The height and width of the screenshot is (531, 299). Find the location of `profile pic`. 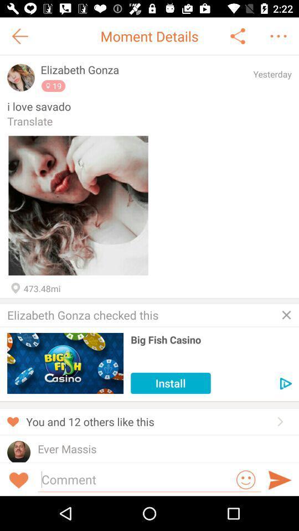

profile pic is located at coordinates (18, 451).